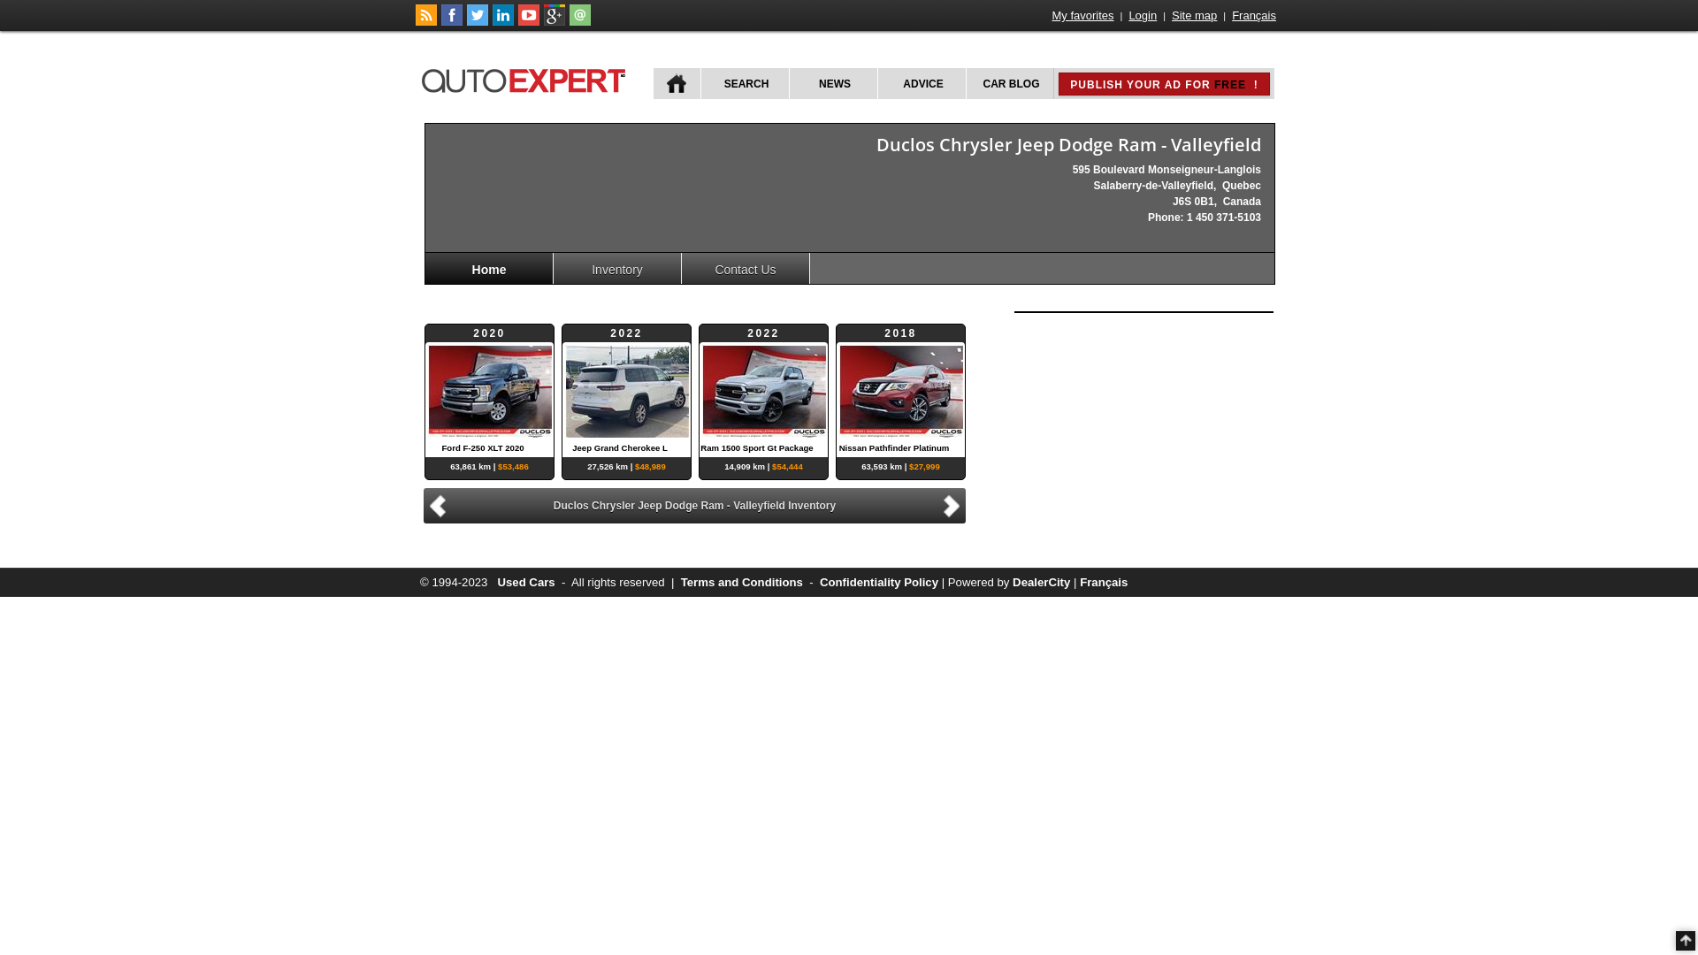 Image resolution: width=1698 pixels, height=955 pixels. What do you see at coordinates (1142, 15) in the screenshot?
I see `'Login'` at bounding box center [1142, 15].